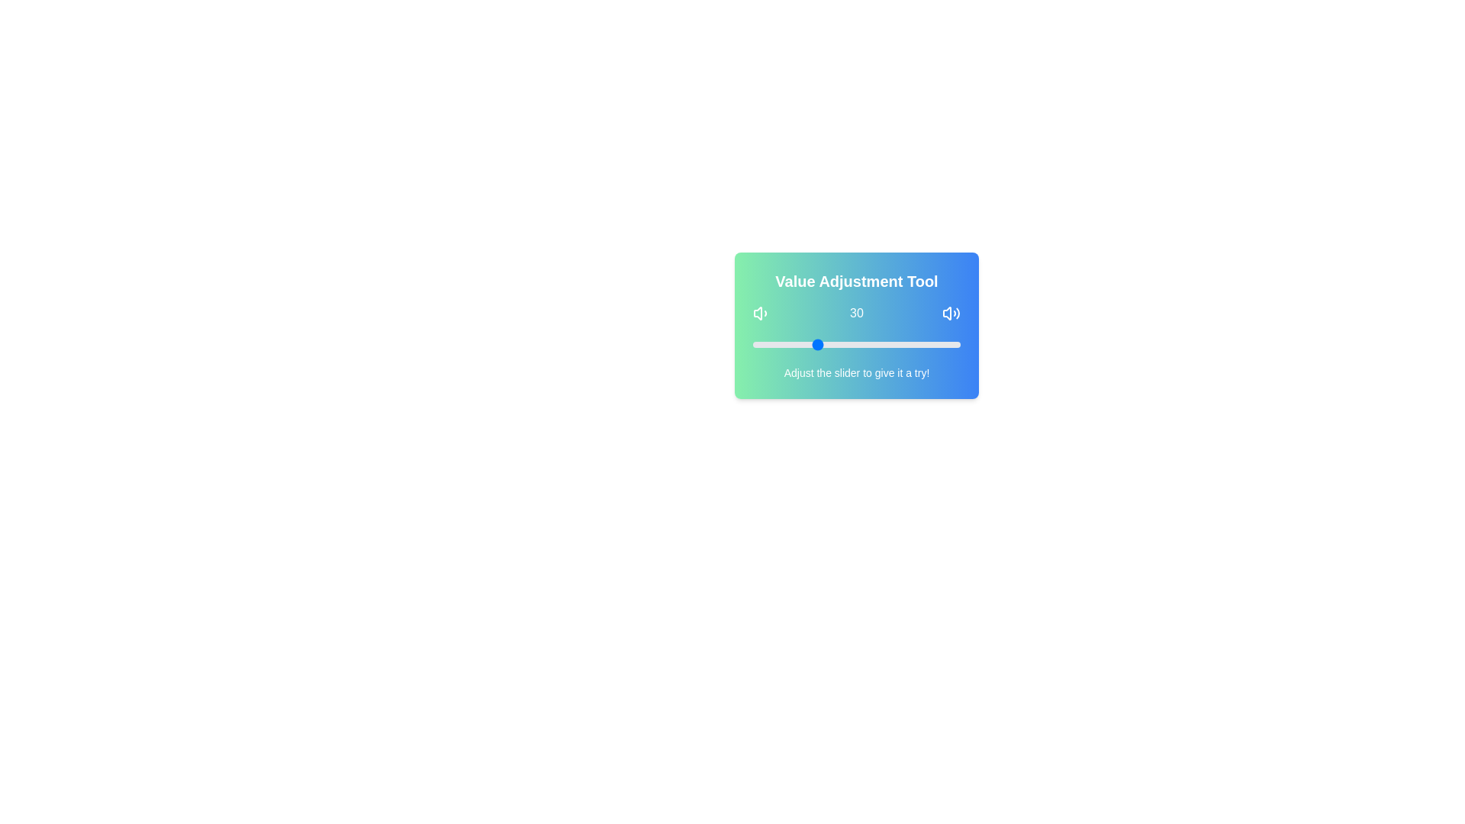  What do you see at coordinates (904, 344) in the screenshot?
I see `the slider` at bounding box center [904, 344].